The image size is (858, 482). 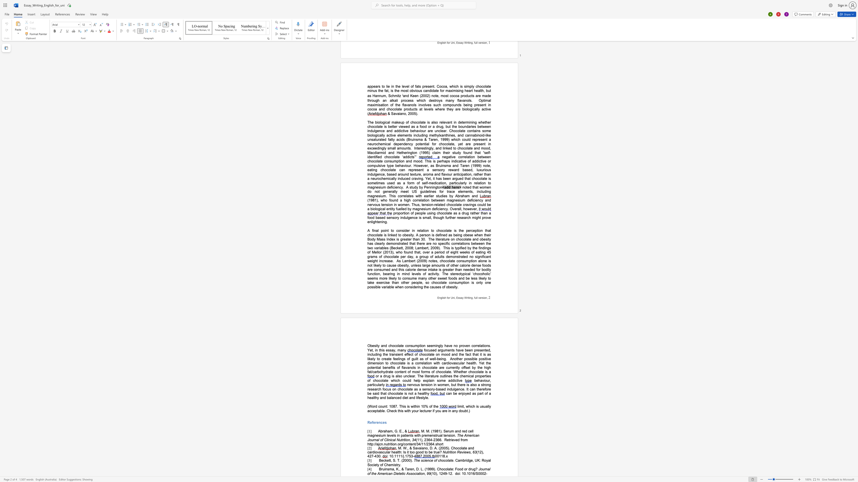 I want to click on the space between the continuous character "h" and "e" in the text, so click(x=391, y=410).